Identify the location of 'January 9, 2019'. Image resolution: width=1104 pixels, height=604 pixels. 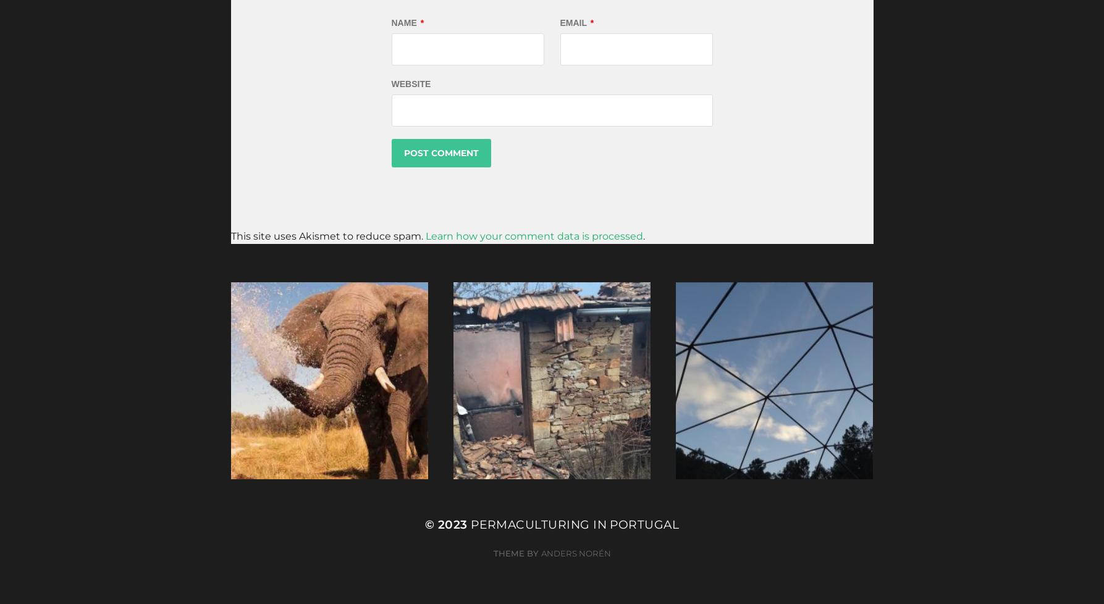
(287, 398).